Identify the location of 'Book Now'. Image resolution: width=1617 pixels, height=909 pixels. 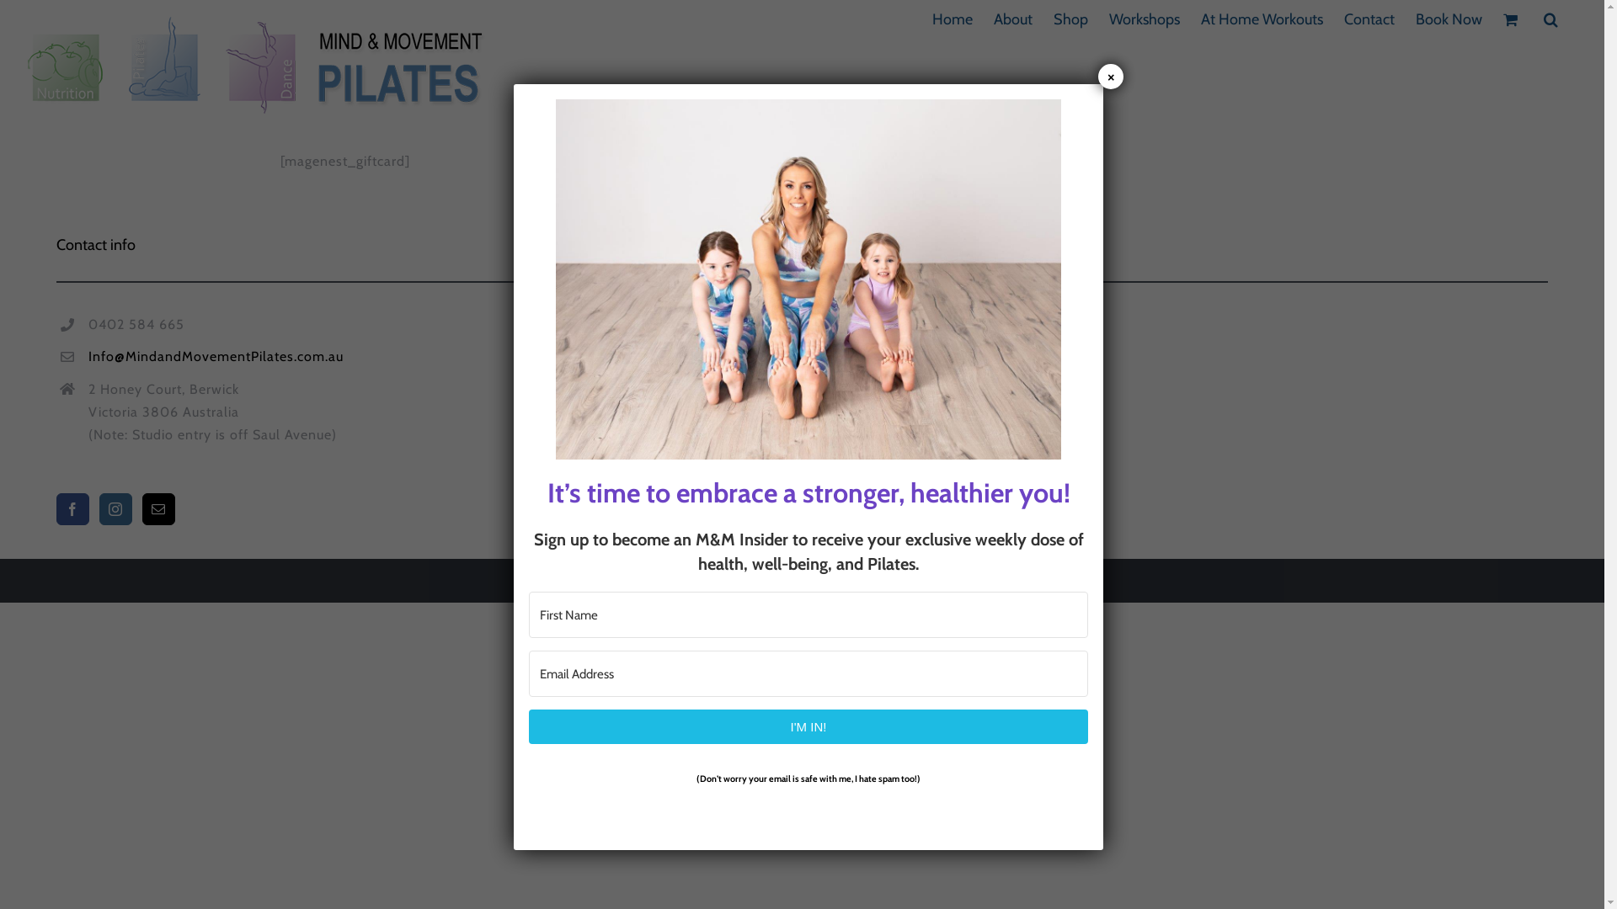
(1415, 19).